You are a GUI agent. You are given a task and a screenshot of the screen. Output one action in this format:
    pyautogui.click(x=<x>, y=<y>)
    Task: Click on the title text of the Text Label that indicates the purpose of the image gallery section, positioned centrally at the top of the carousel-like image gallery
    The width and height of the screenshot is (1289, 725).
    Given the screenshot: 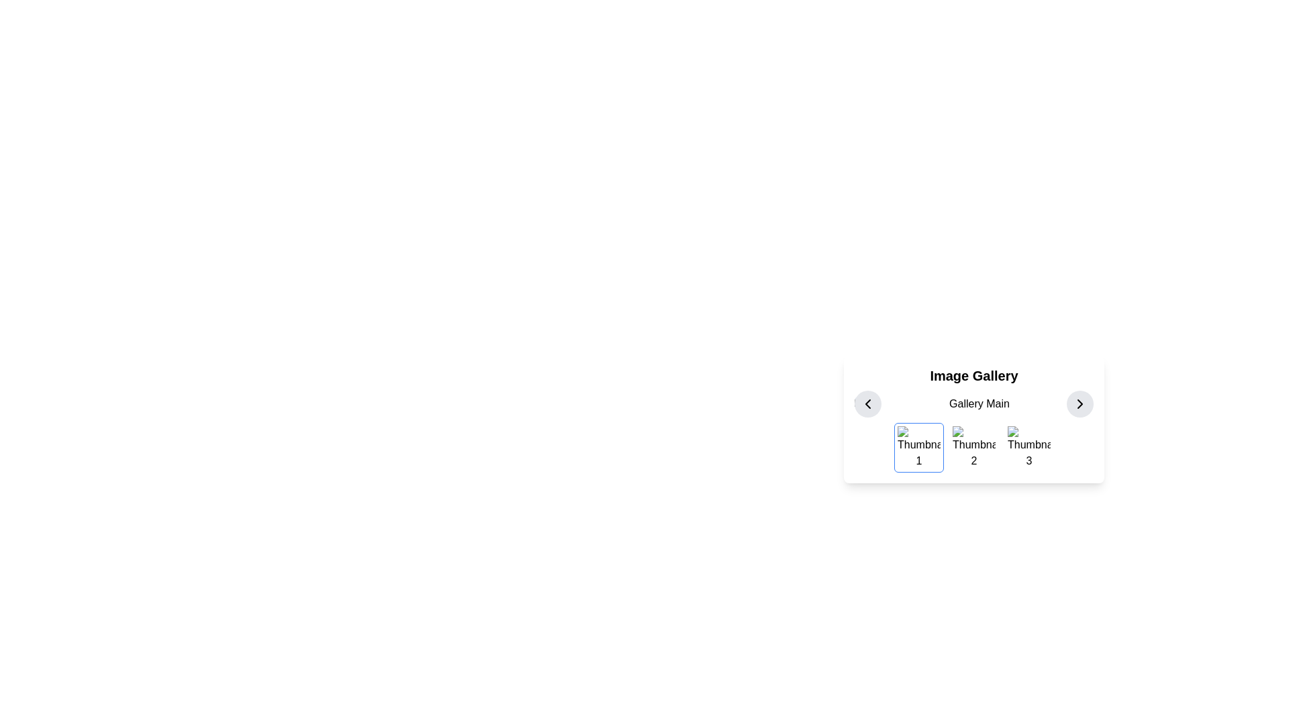 What is the action you would take?
    pyautogui.click(x=973, y=375)
    